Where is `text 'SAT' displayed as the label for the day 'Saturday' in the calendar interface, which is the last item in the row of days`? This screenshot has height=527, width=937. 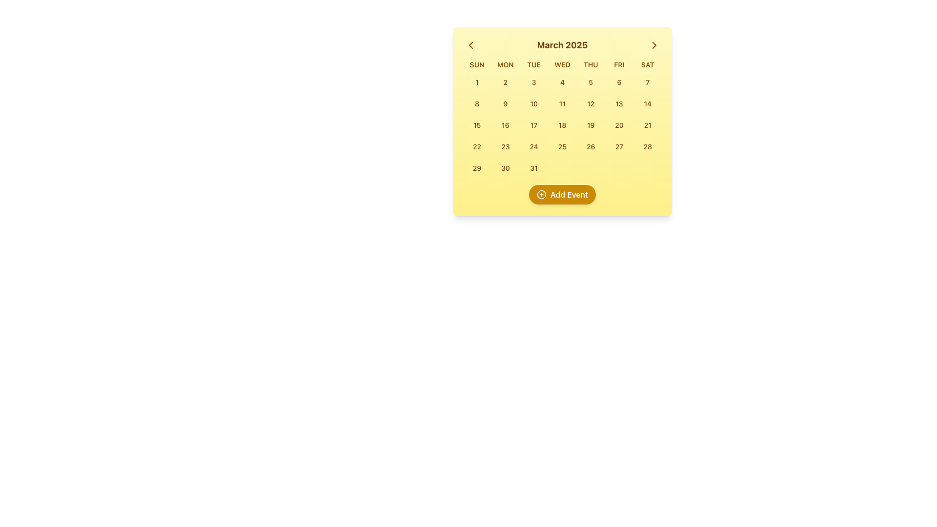 text 'SAT' displayed as the label for the day 'Saturday' in the calendar interface, which is the last item in the row of days is located at coordinates (648, 64).